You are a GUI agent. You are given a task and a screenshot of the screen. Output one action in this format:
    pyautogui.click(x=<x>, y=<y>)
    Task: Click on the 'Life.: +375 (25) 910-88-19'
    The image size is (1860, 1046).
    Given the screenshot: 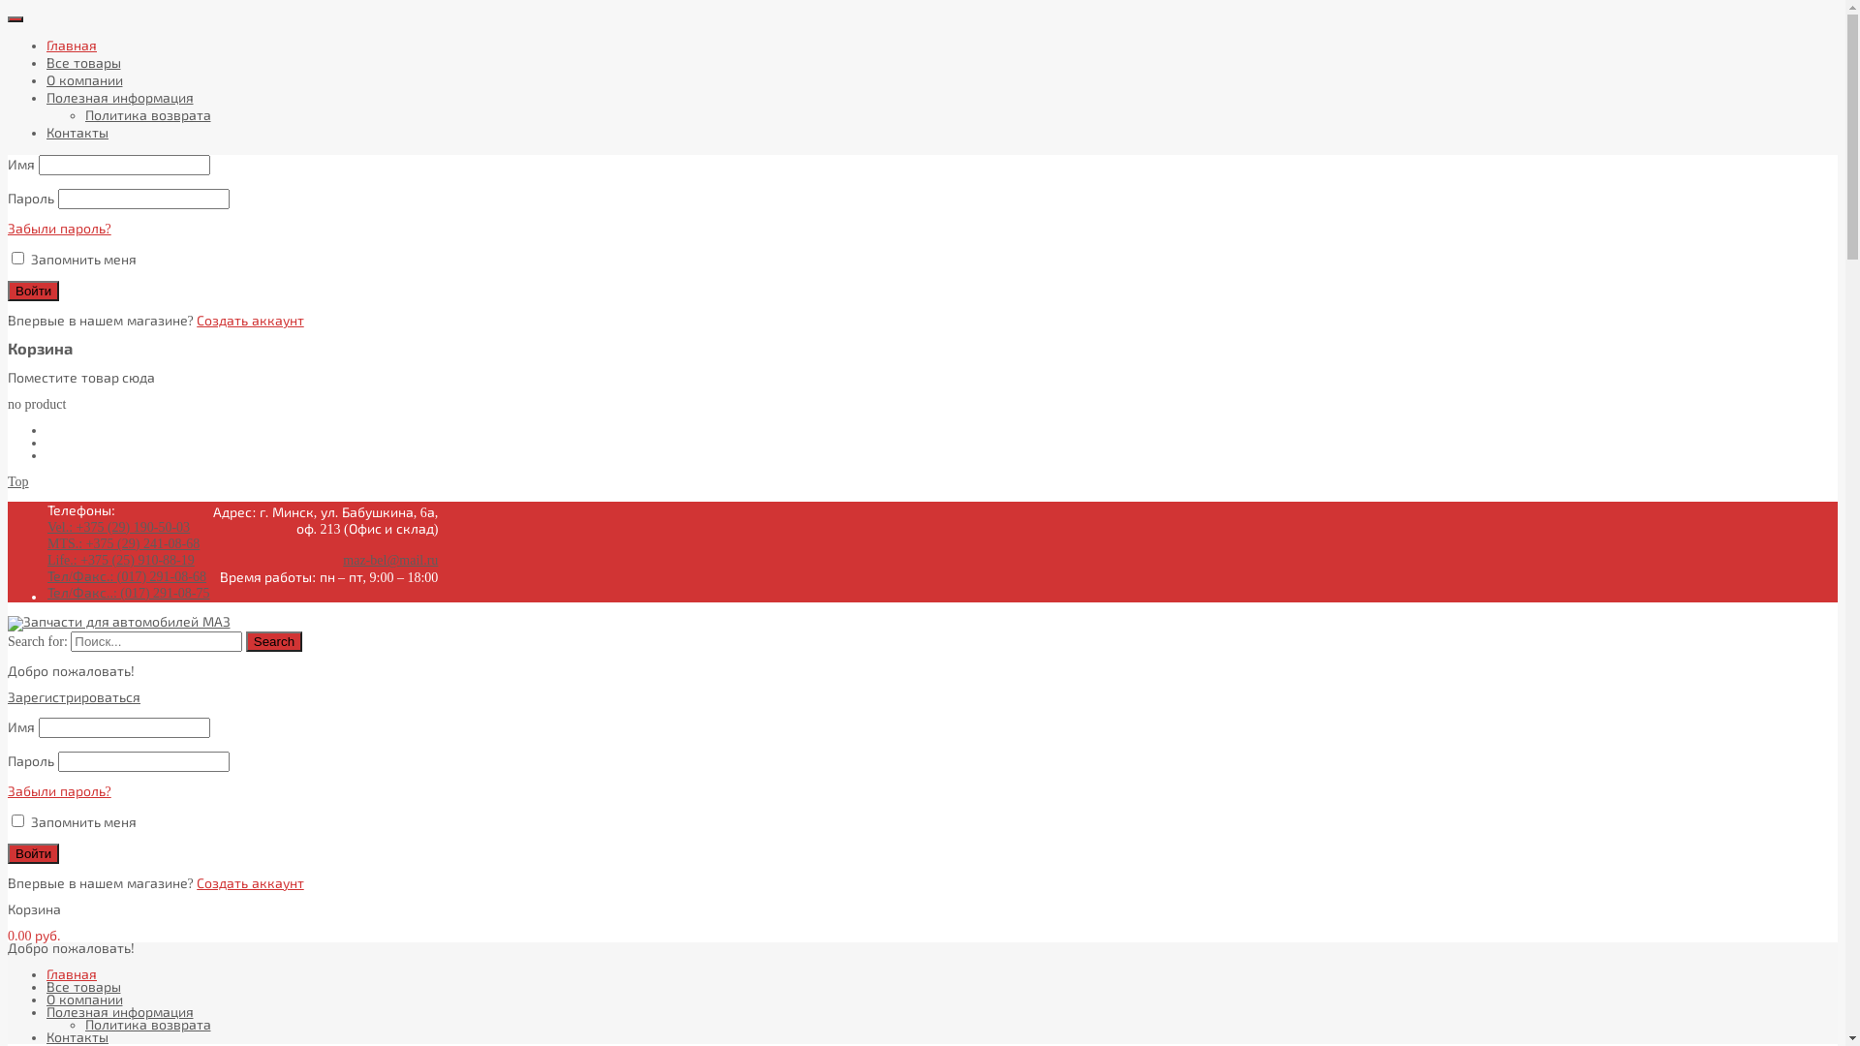 What is the action you would take?
    pyautogui.click(x=46, y=560)
    